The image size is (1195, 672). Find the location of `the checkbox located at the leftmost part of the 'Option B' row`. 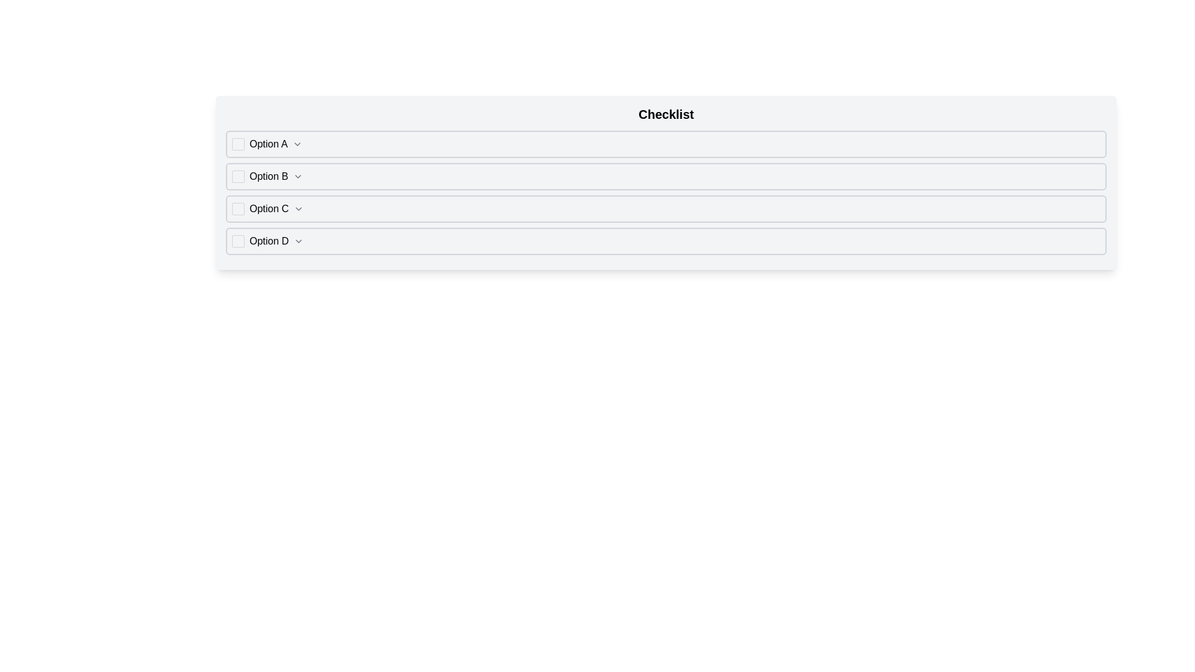

the checkbox located at the leftmost part of the 'Option B' row is located at coordinates (238, 177).